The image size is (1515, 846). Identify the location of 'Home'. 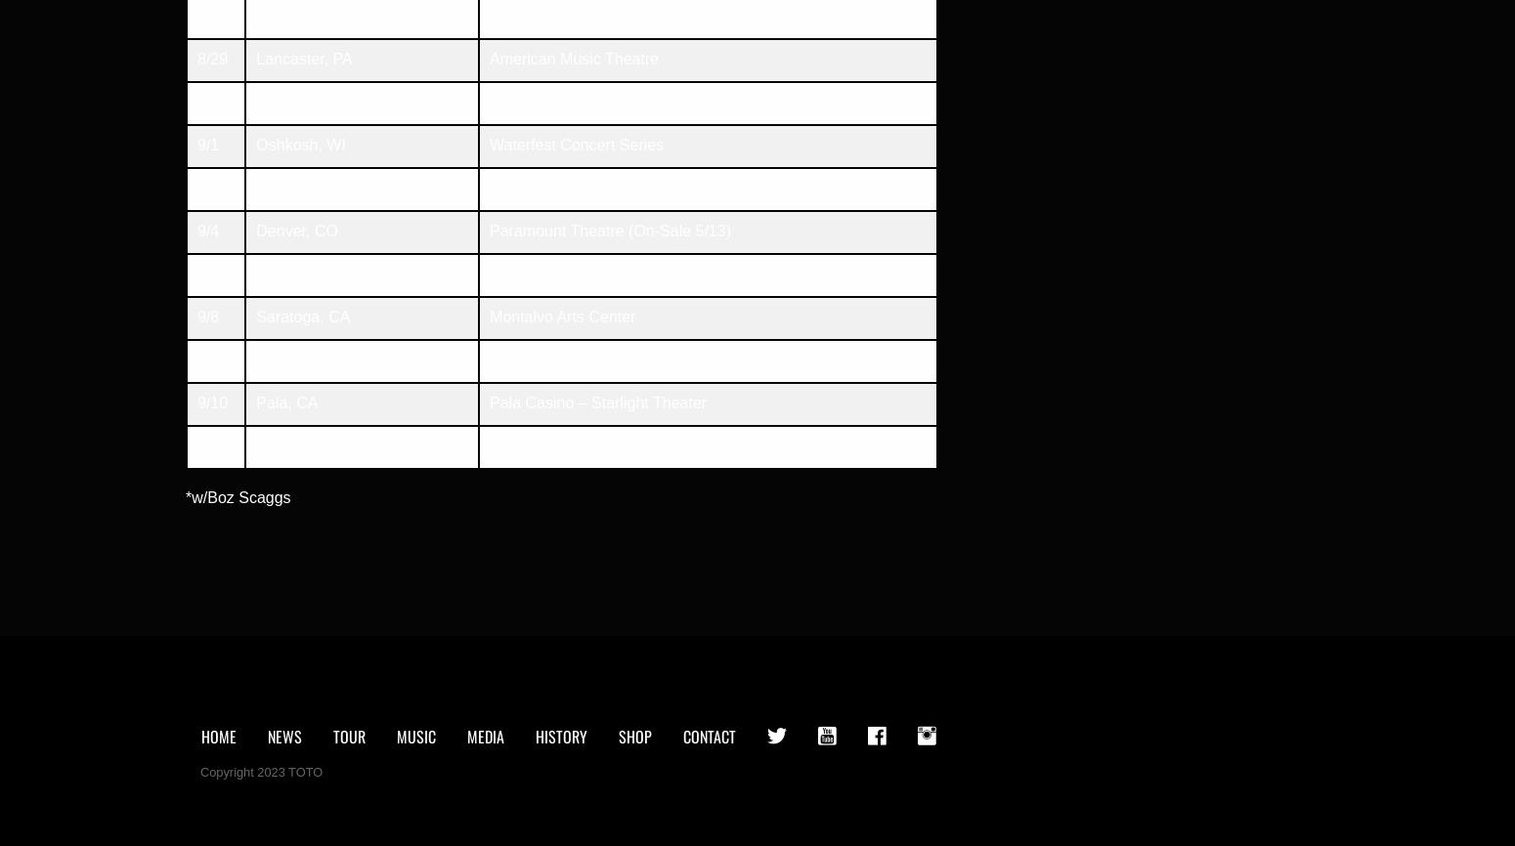
(199, 736).